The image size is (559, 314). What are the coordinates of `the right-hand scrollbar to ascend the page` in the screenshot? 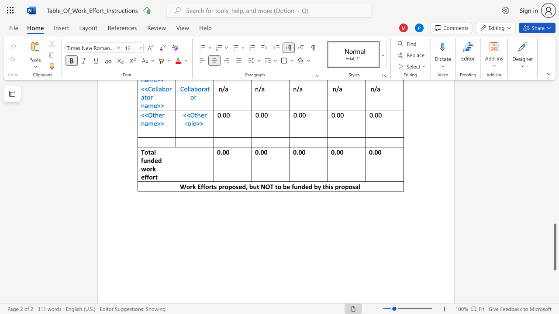 It's located at (554, 209).